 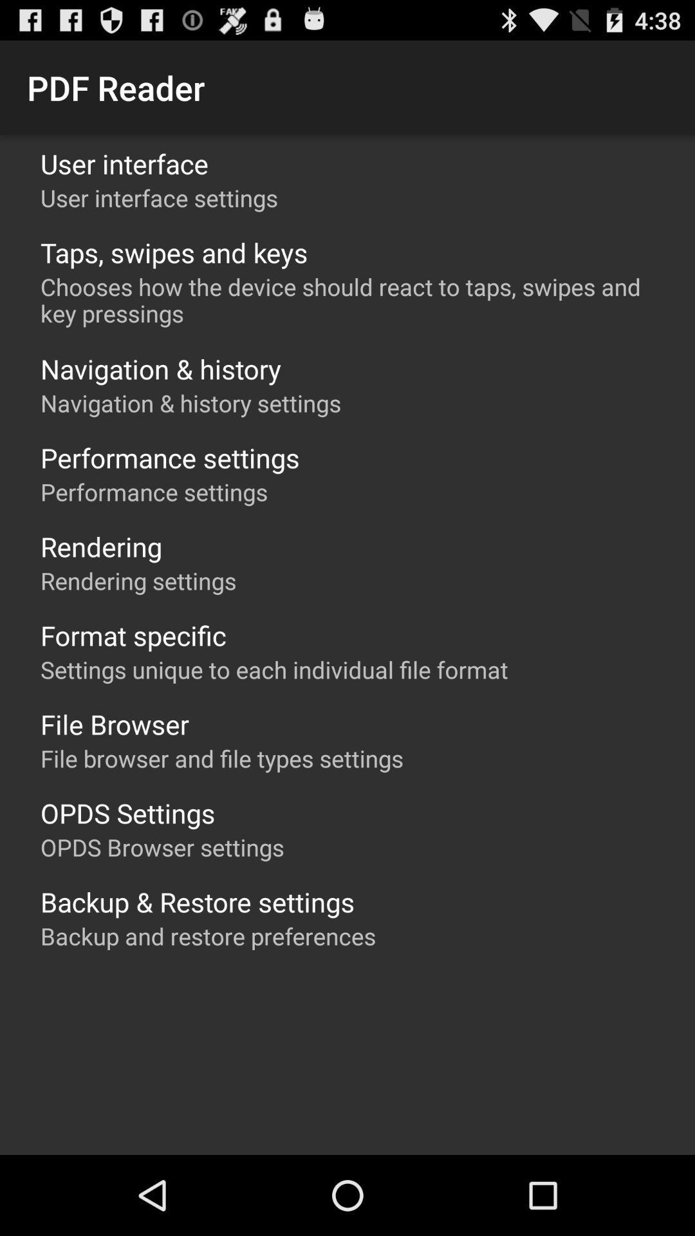 I want to click on the app at the top, so click(x=354, y=299).